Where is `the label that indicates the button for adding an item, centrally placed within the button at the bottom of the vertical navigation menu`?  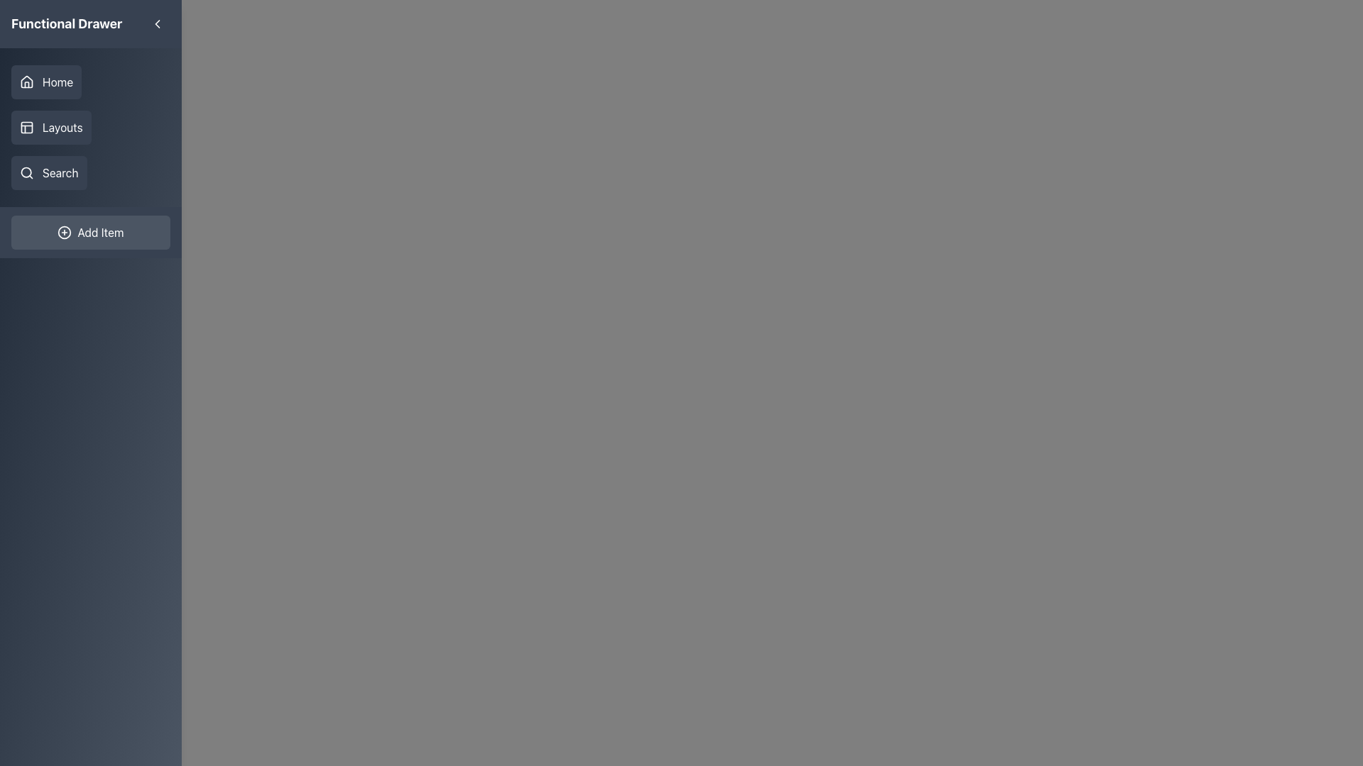 the label that indicates the button for adding an item, centrally placed within the button at the bottom of the vertical navigation menu is located at coordinates (100, 231).